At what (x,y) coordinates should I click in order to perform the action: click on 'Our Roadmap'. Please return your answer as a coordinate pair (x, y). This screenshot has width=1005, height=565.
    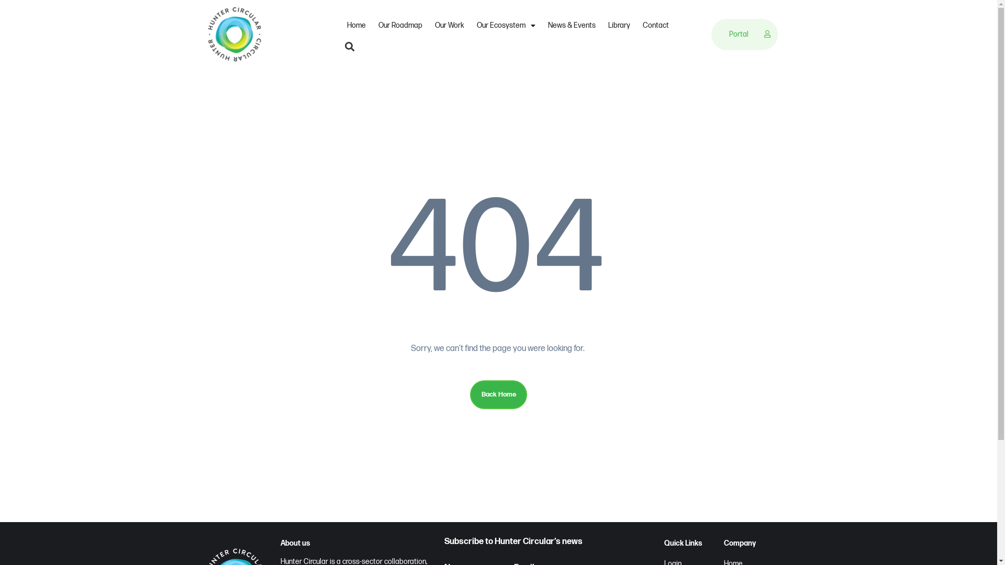
    Looking at the image, I should click on (372, 25).